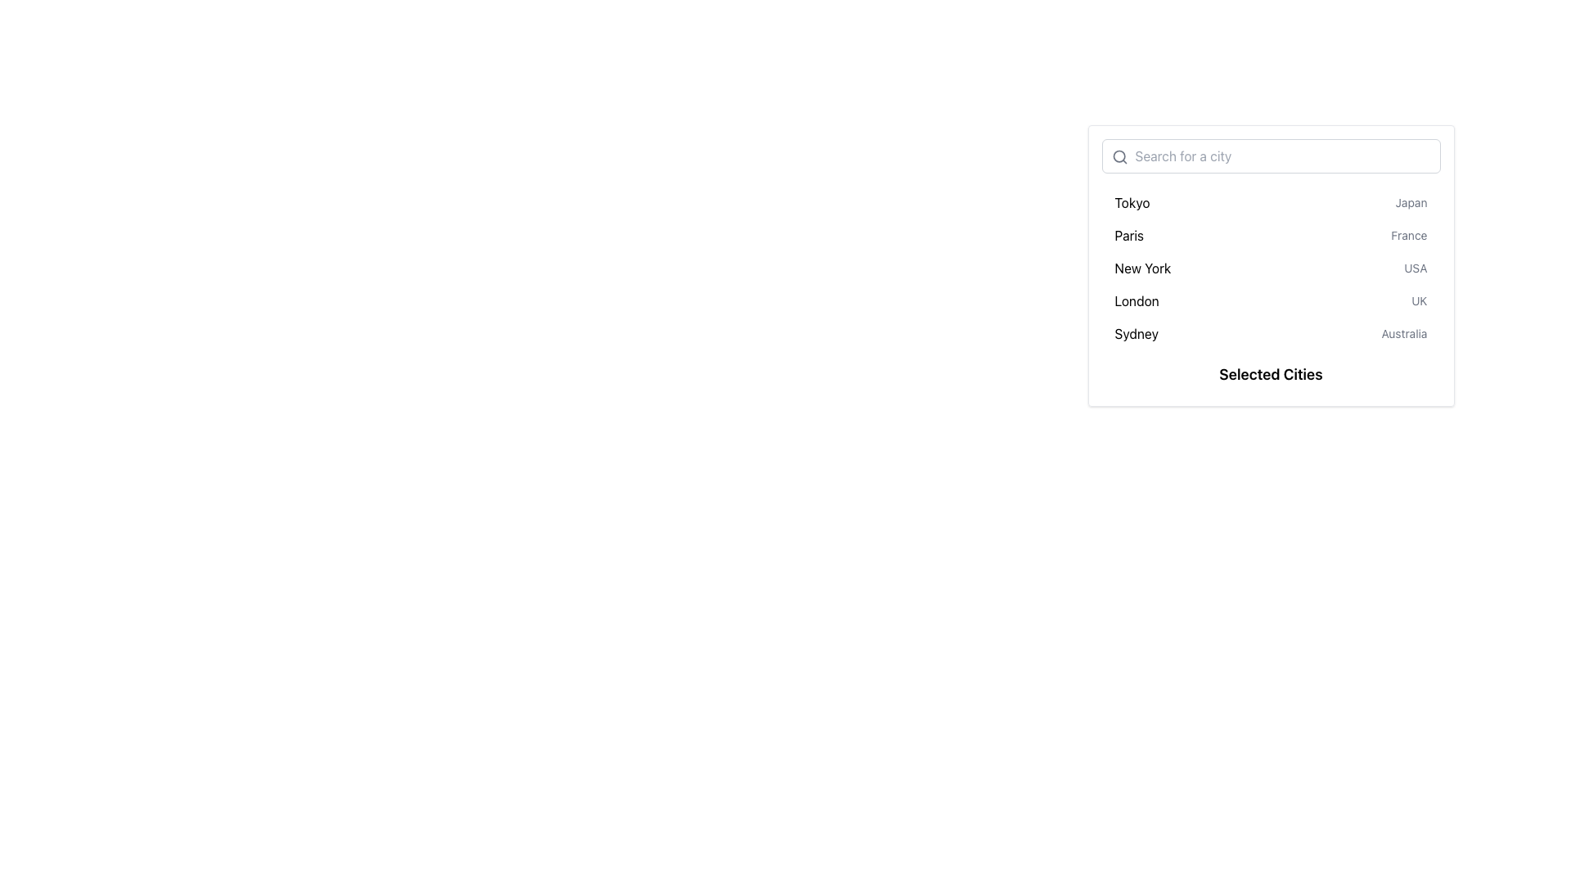  I want to click on the third list item in the locations list, so click(1270, 267).